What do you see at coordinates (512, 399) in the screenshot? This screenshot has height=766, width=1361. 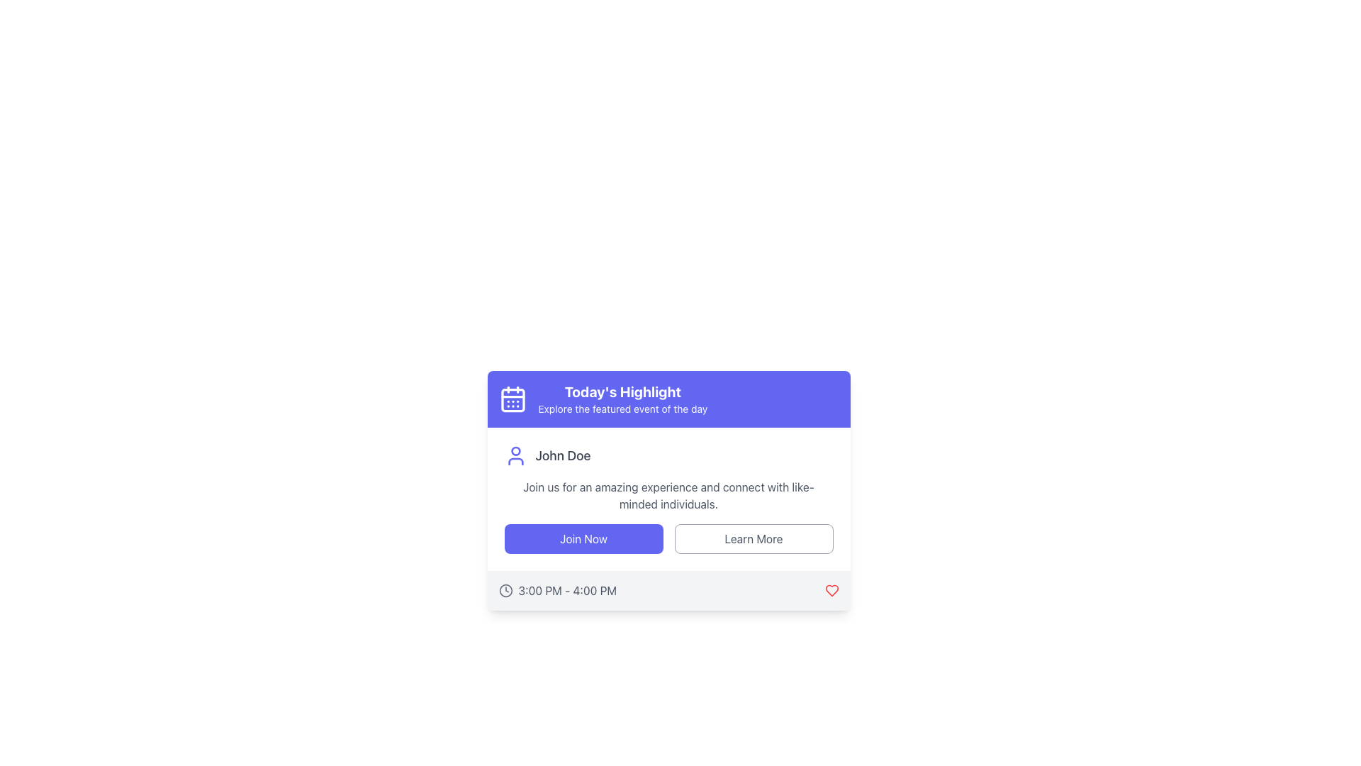 I see `the calendar icon located in the header section of 'Today's Highlight', characterized by its grid-like design and white lines on a purple background` at bounding box center [512, 399].